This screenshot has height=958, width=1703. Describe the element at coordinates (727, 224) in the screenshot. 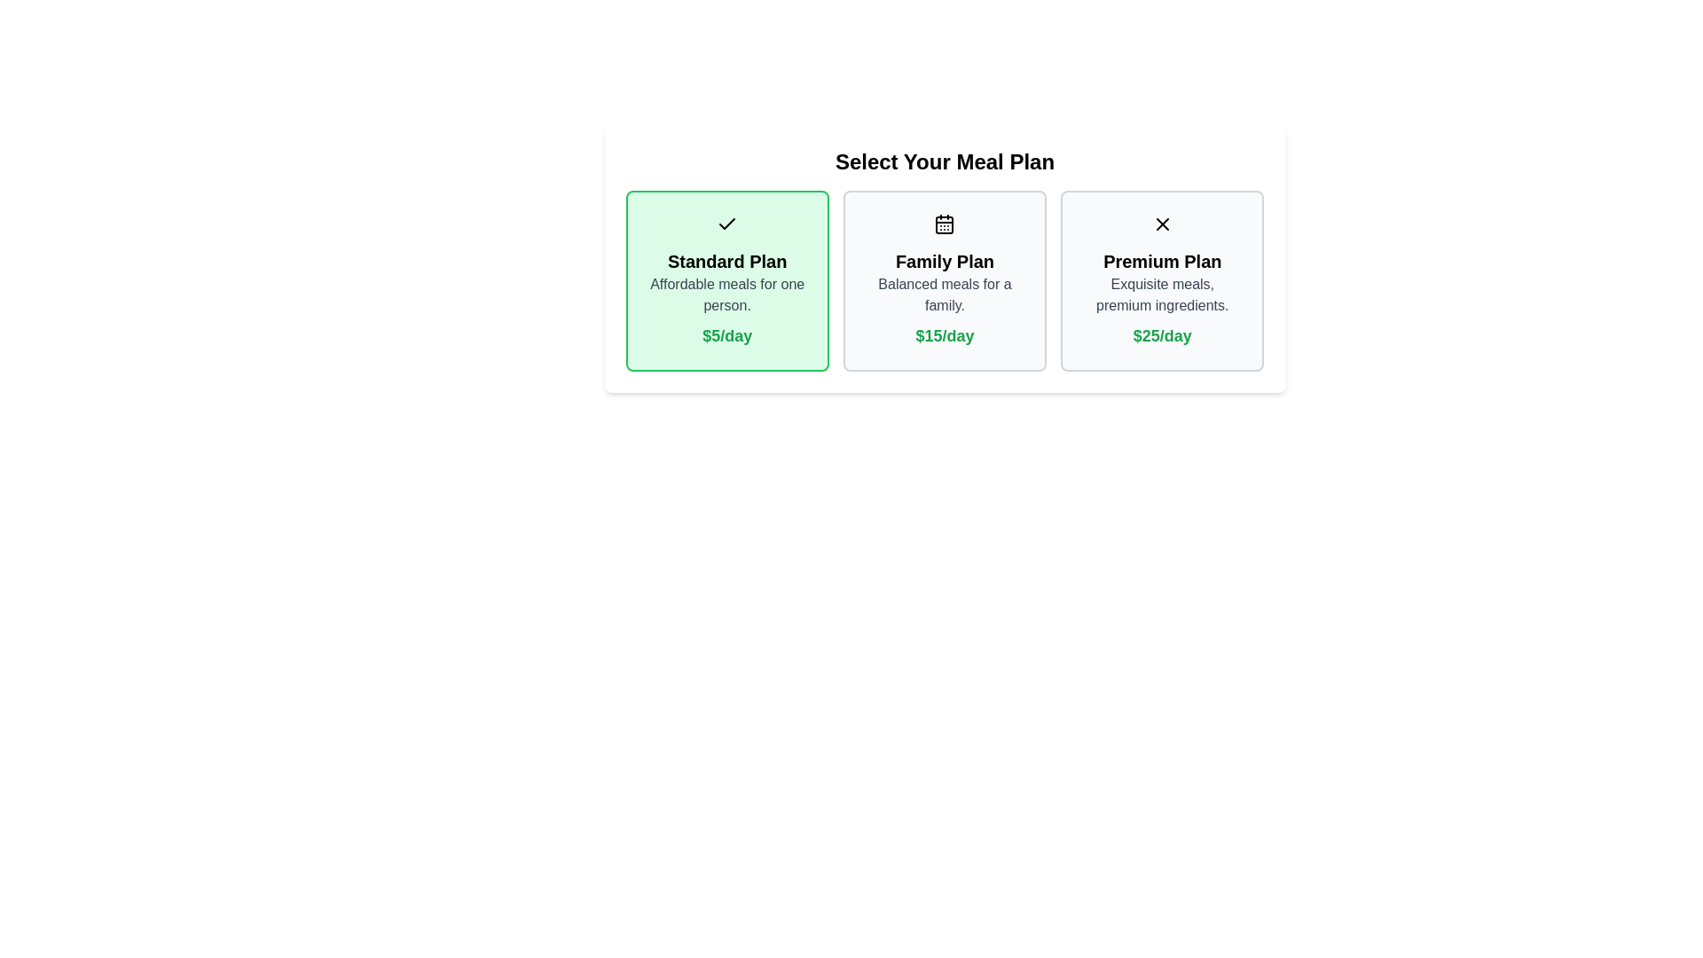

I see `the visual indicator icon located at the center-top of the 'Standard Plan' card, which denotes the selected or active state` at that location.